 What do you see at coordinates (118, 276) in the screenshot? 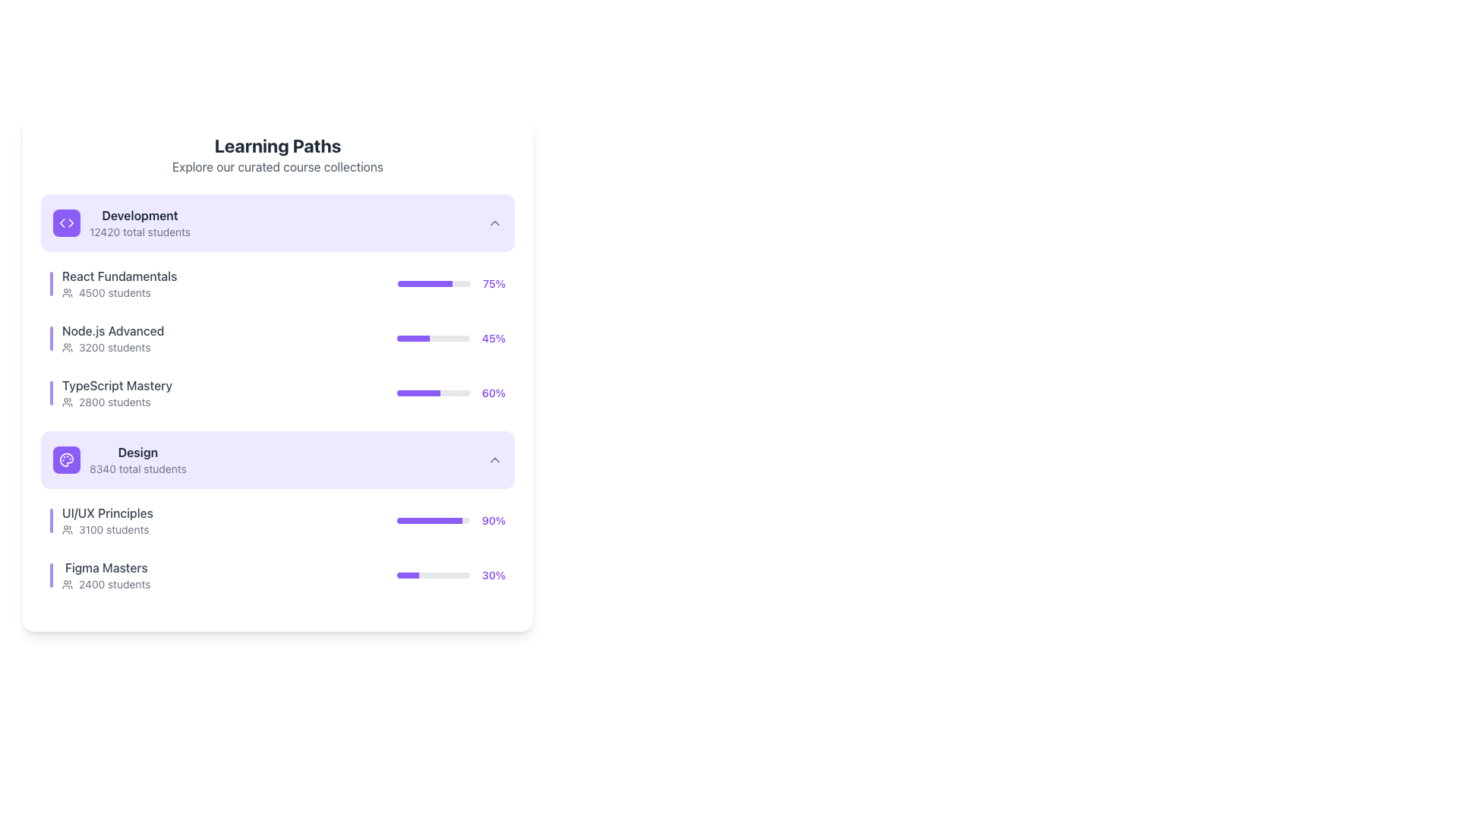
I see `the 'React Fundamentals' link located` at bounding box center [118, 276].